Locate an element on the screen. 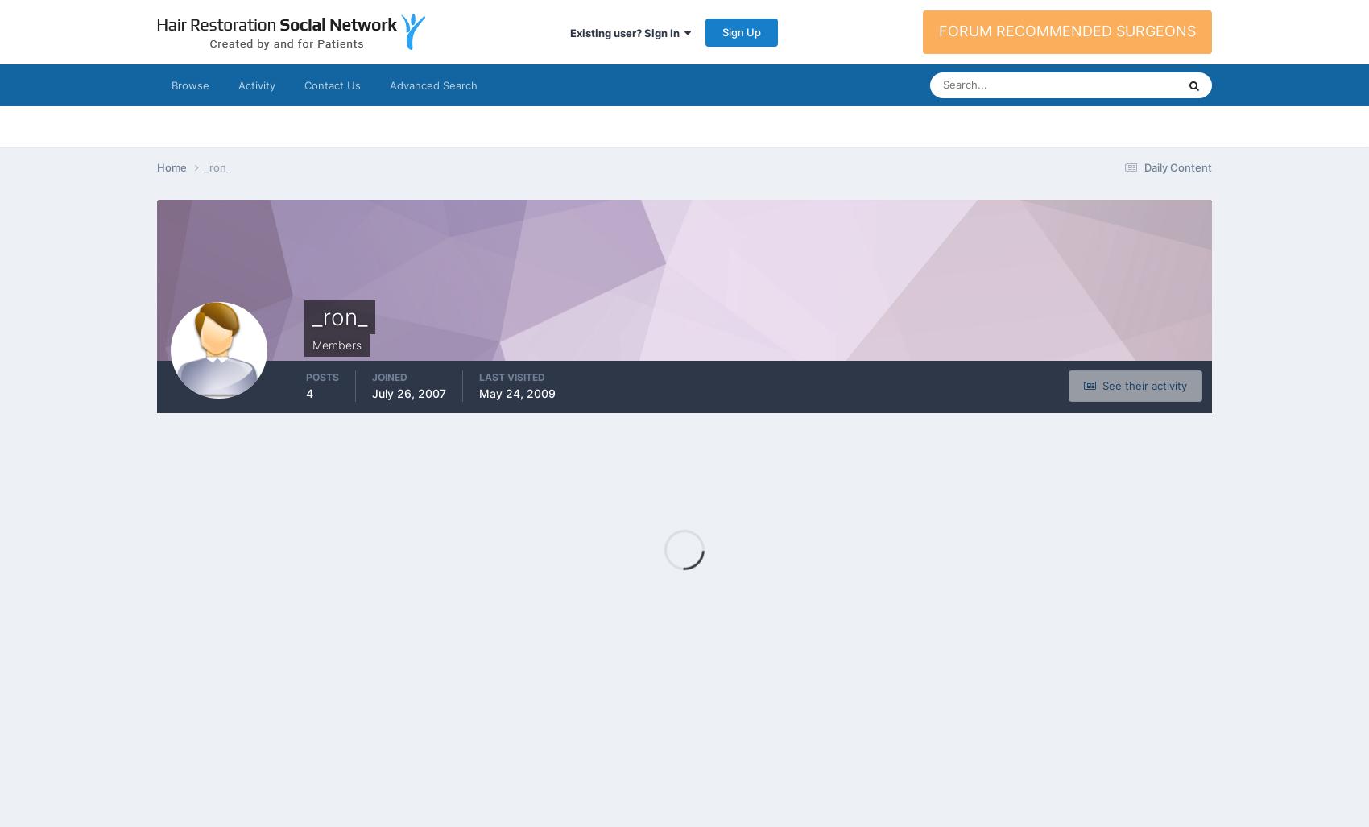 The width and height of the screenshot is (1369, 827). 'May 24, 2009' is located at coordinates (517, 393).